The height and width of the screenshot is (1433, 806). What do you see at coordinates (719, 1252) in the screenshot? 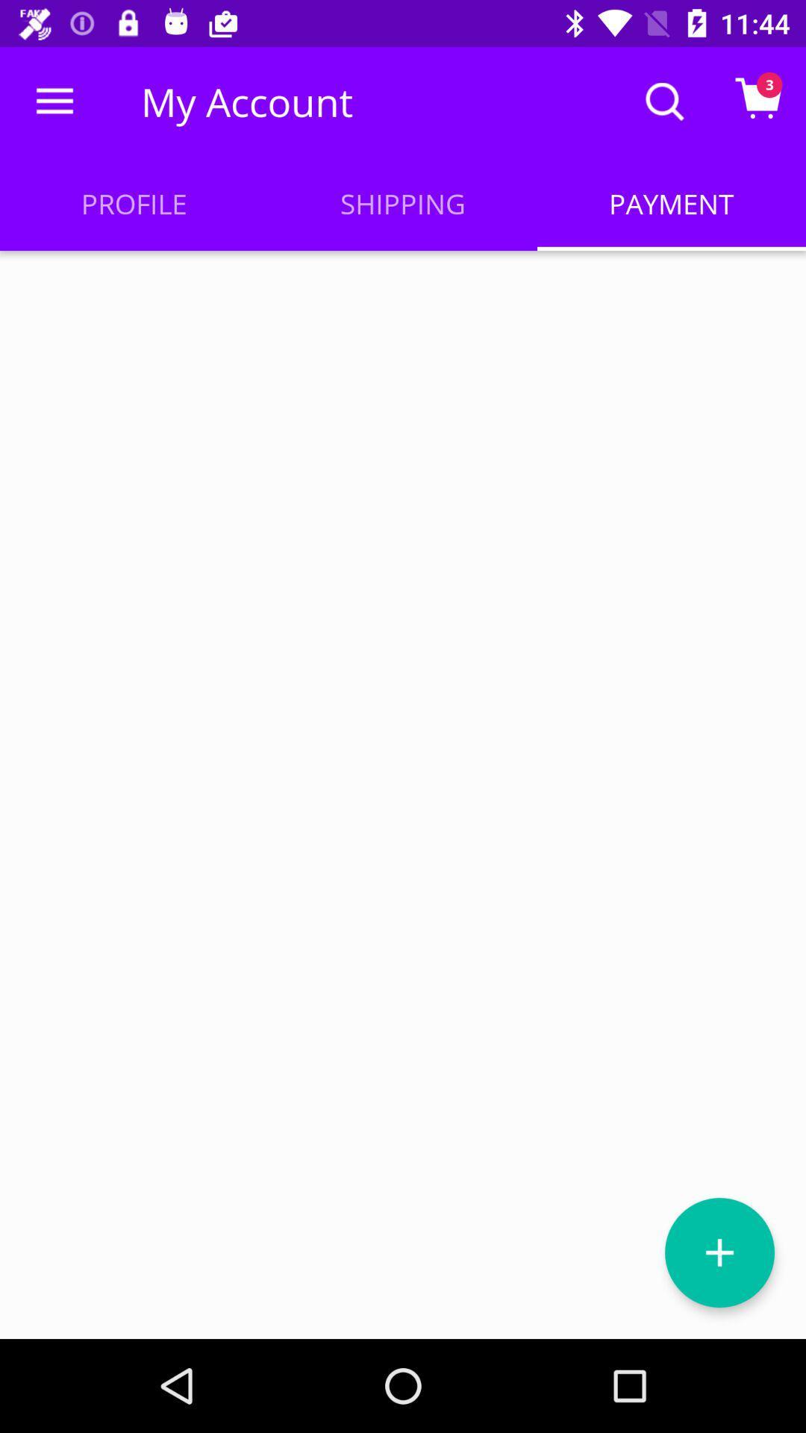
I see `icon at the bottom right corner` at bounding box center [719, 1252].